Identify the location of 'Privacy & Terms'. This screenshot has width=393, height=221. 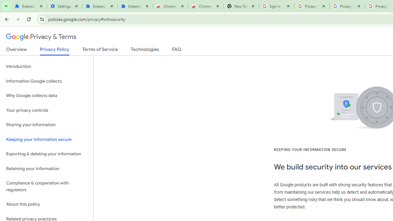
(41, 37).